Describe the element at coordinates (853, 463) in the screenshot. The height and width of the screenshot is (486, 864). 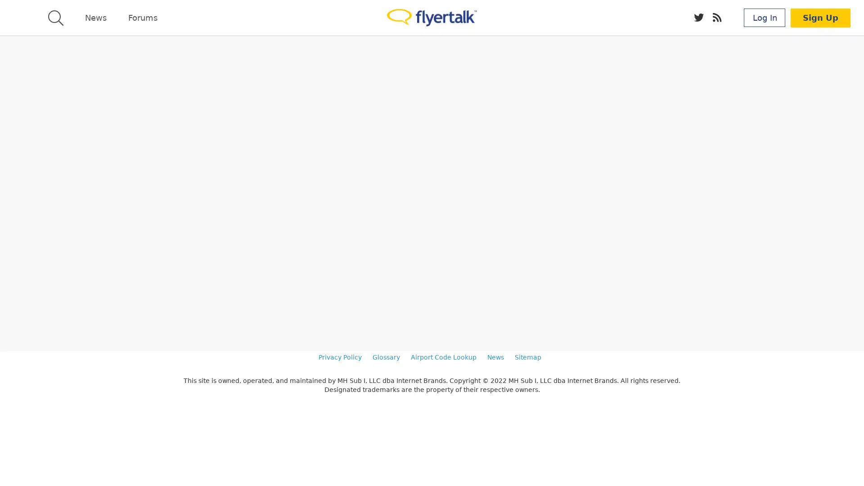
I see `Close` at that location.